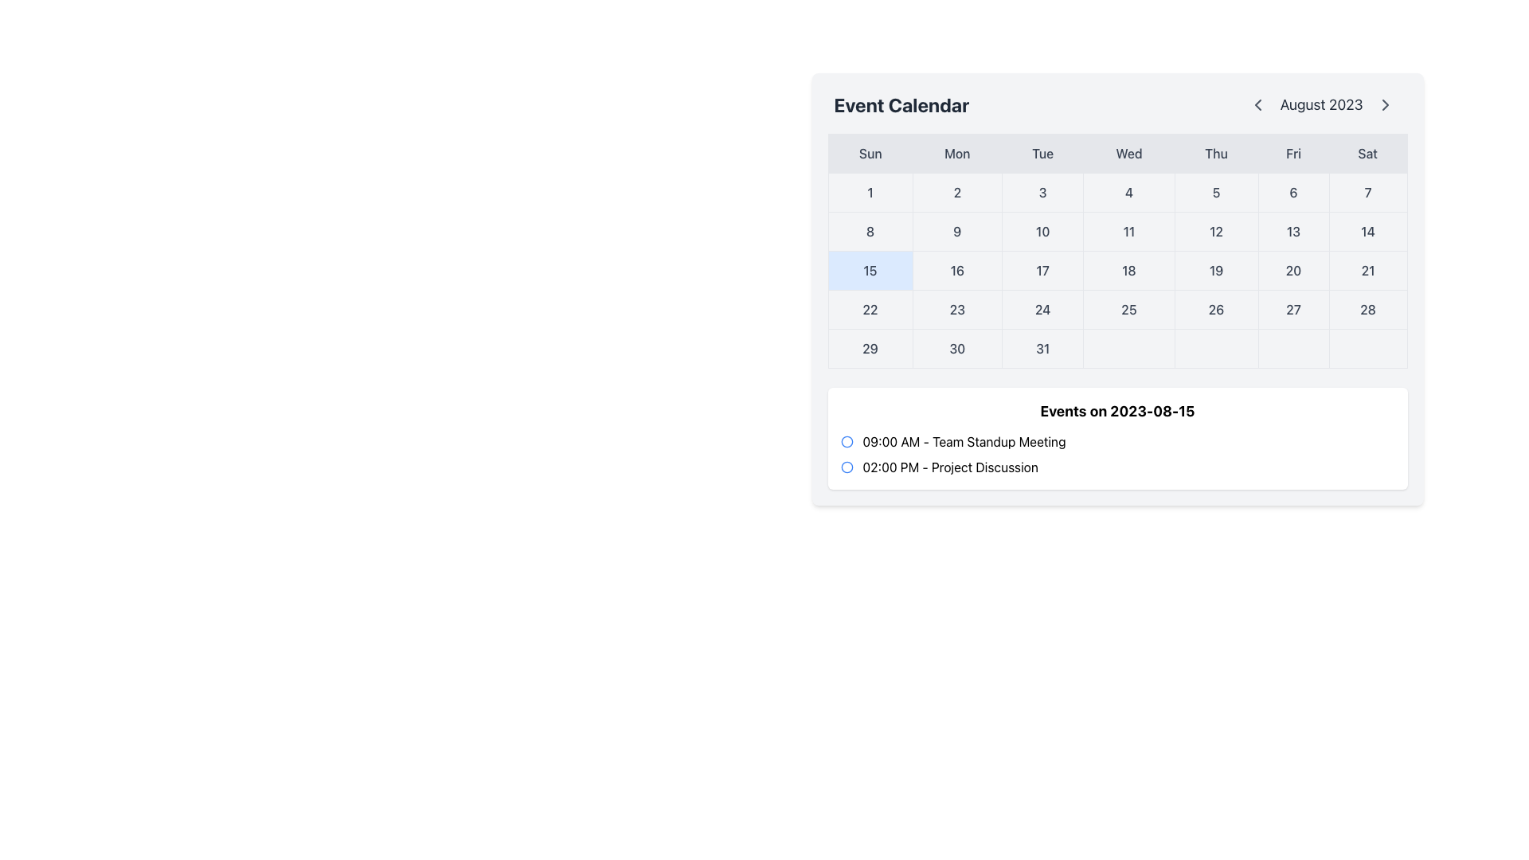 This screenshot has width=1529, height=860. Describe the element at coordinates (1116, 466) in the screenshot. I see `the list item titled 'Project Discussion' which is the second item in the event listing for 'Events on 2023-08-15'` at that location.